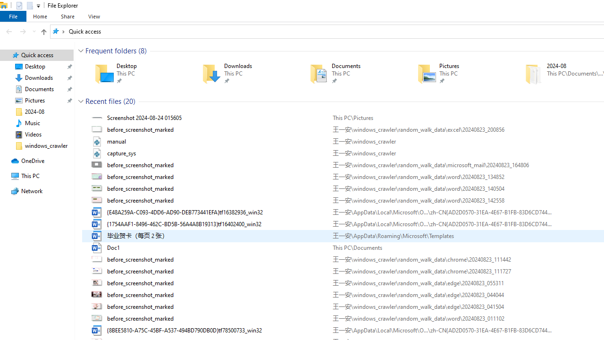 This screenshot has height=340, width=604. I want to click on 'Up to "Desktop" (Alt + Up Arrow)', so click(43, 32).